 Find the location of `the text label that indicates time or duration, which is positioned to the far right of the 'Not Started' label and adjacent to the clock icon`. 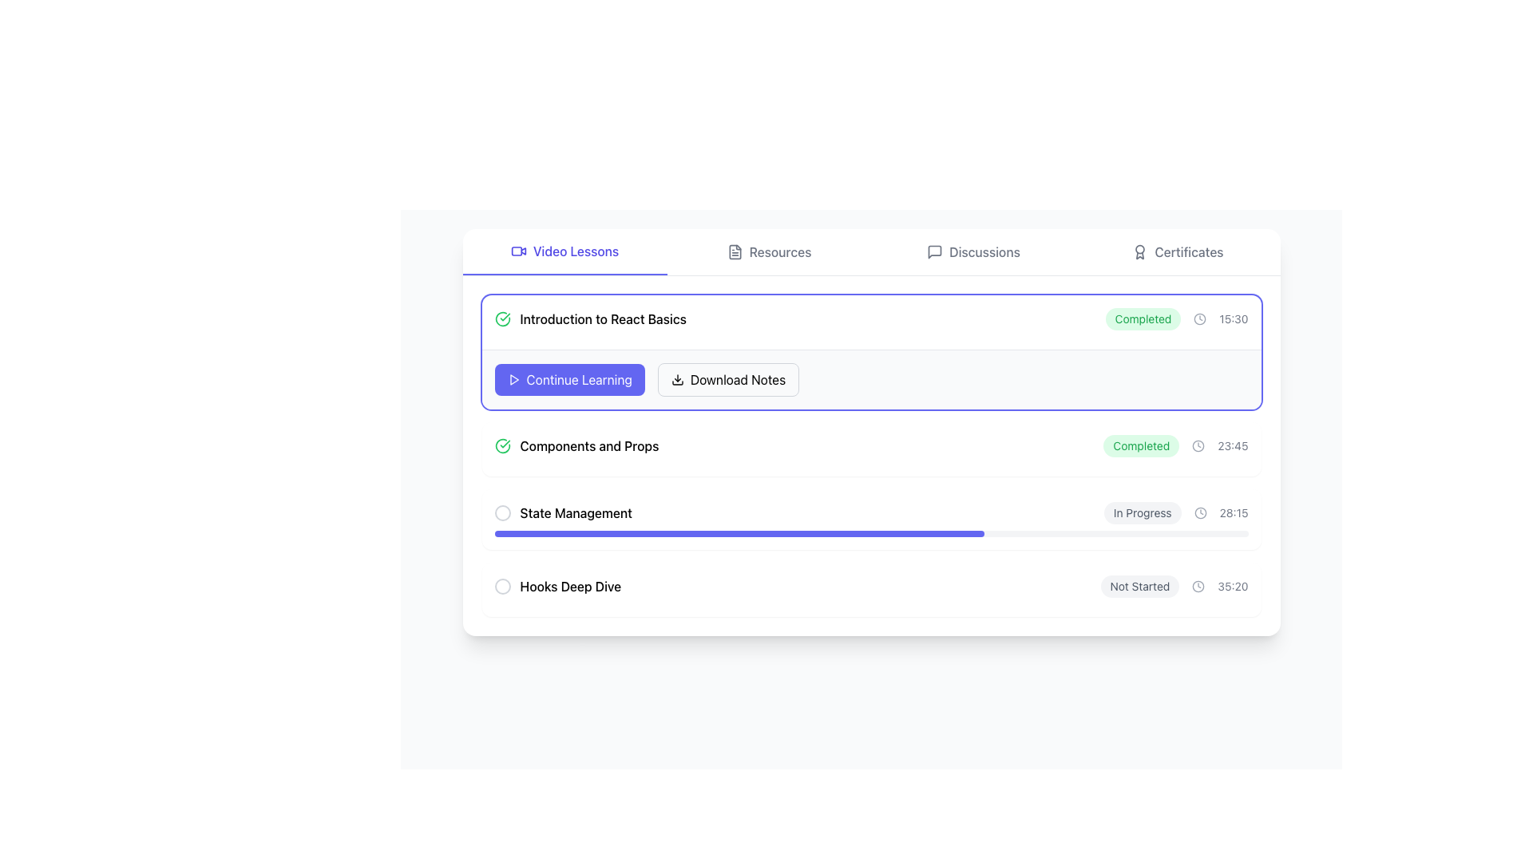

the text label that indicates time or duration, which is positioned to the far right of the 'Not Started' label and adjacent to the clock icon is located at coordinates (1232, 587).